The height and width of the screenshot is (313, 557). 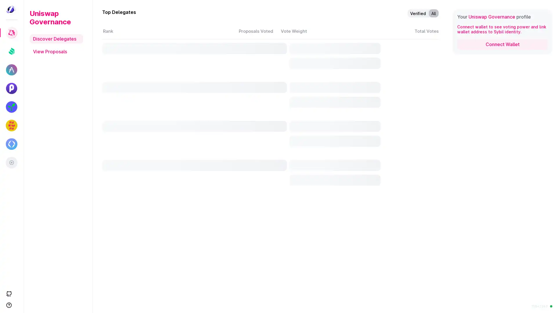 I want to click on Delegate, so click(x=385, y=121).